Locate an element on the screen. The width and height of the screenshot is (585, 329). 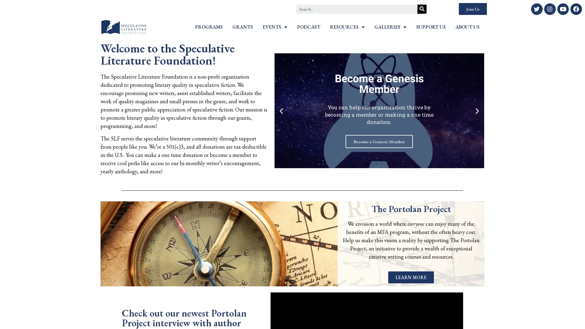
Go to slide 6 is located at coordinates (393, 163).